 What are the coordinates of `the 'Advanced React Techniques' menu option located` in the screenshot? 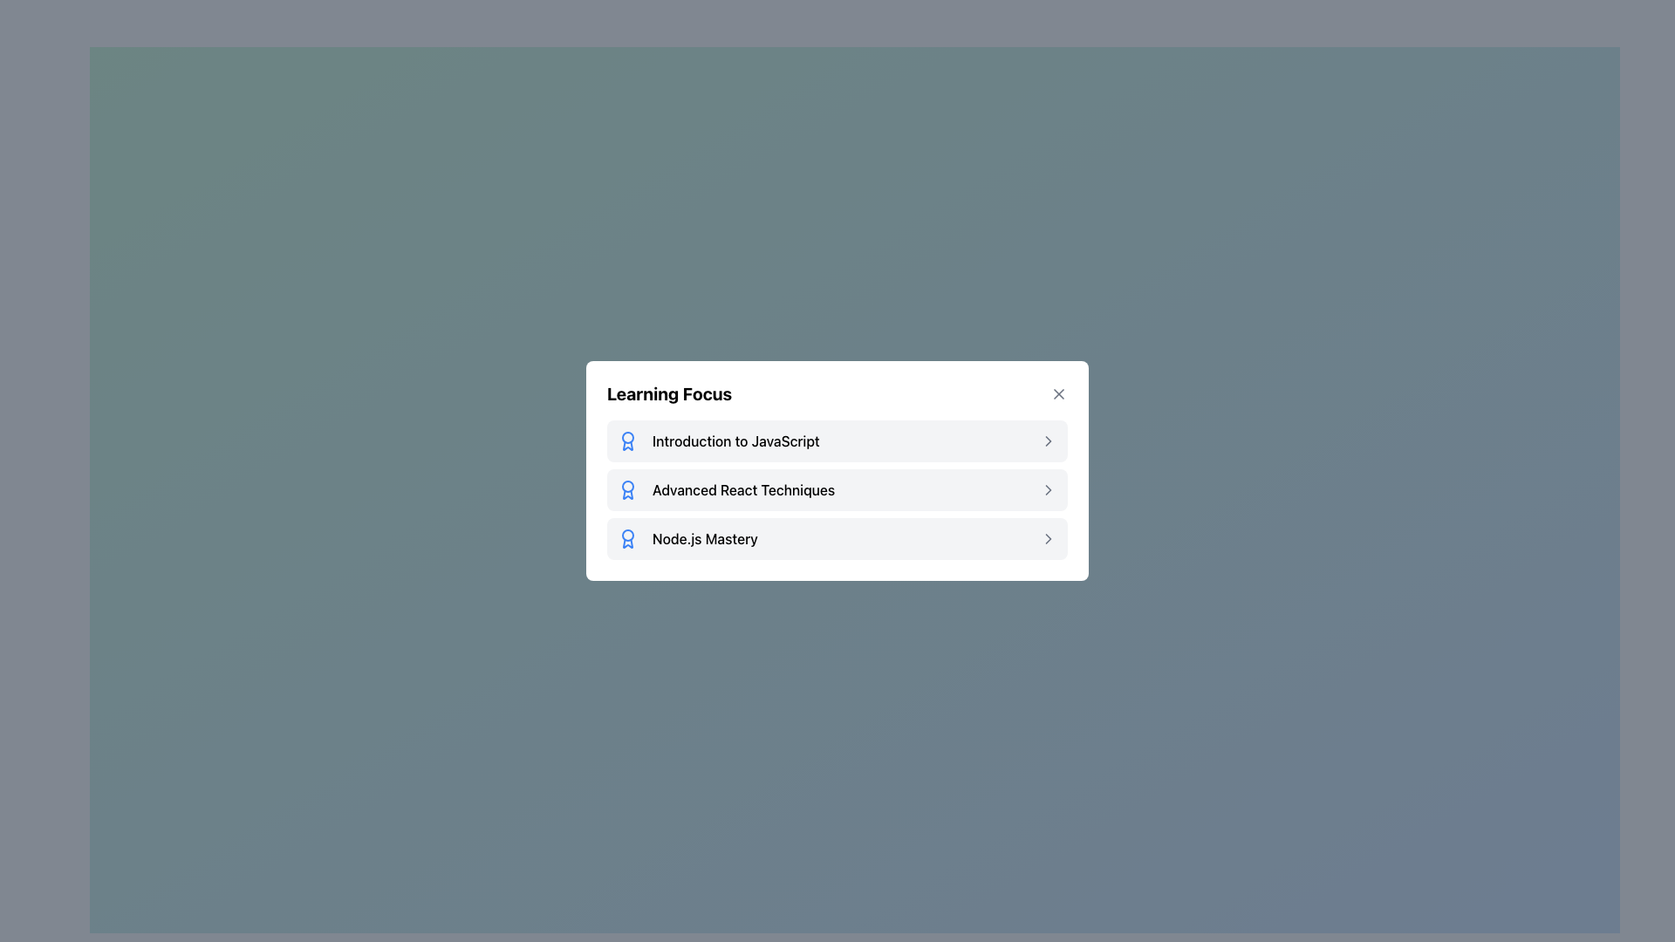 It's located at (837, 471).